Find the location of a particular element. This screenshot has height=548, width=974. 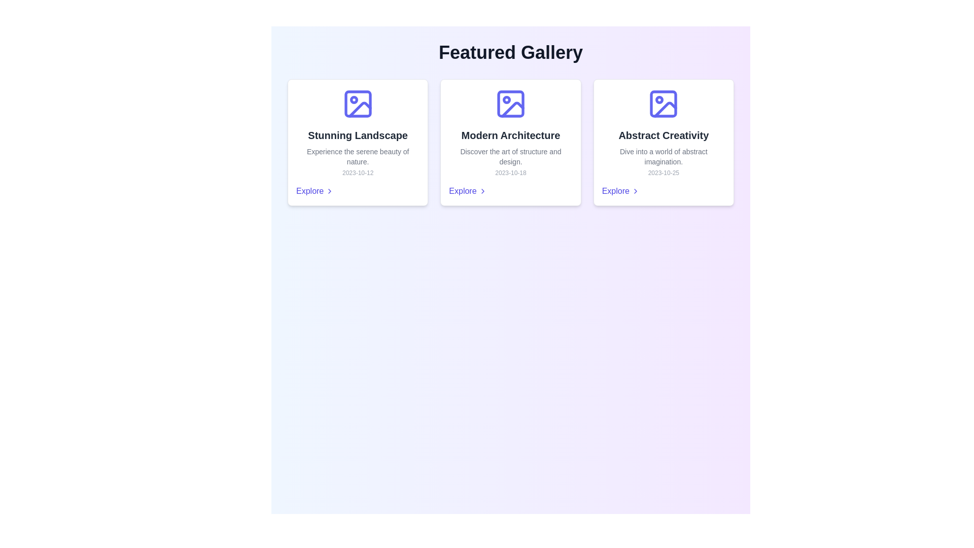

the first Card Component in the Featured Gallery section is located at coordinates (358, 143).